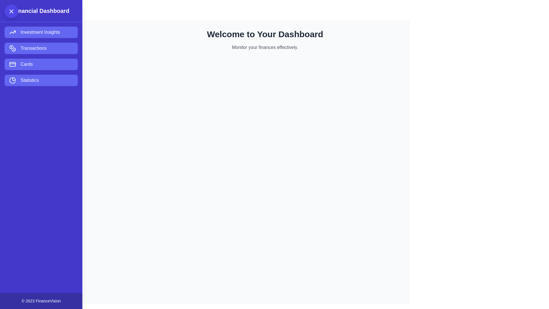 The height and width of the screenshot is (309, 549). Describe the element at coordinates (12, 64) in the screenshot. I see `the graphical component representing the 'Cards' icon located in the left sidebar of the interface by moving the cursor to its center point` at that location.